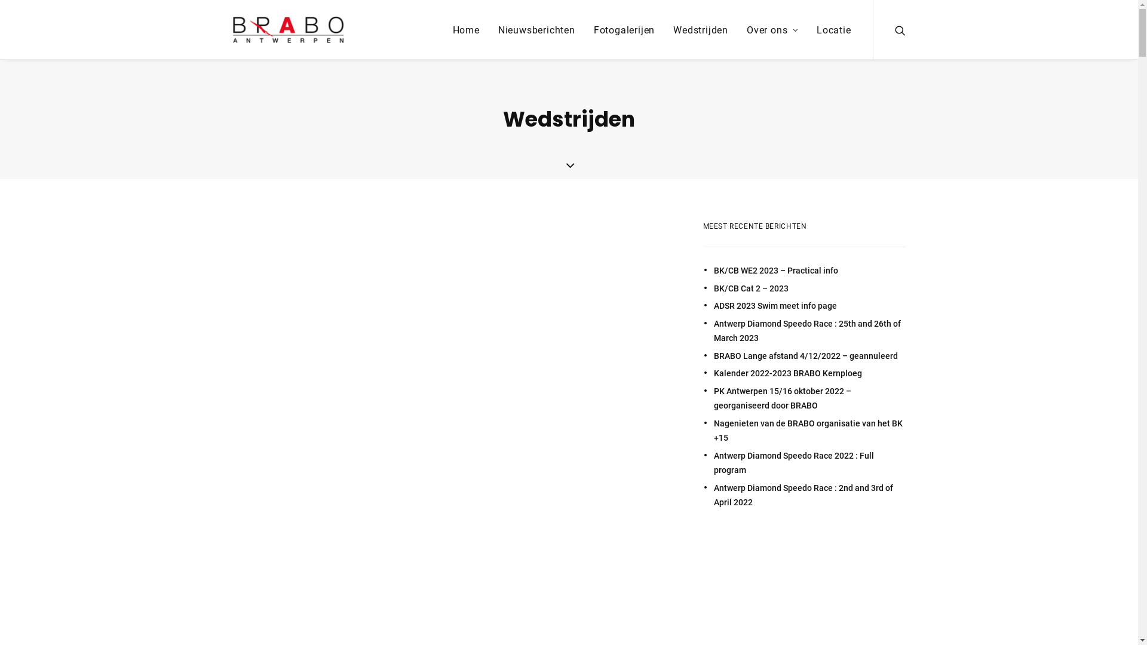  I want to click on 'Nagenieten van de BRABO organisatie van het BK +15', so click(809, 431).